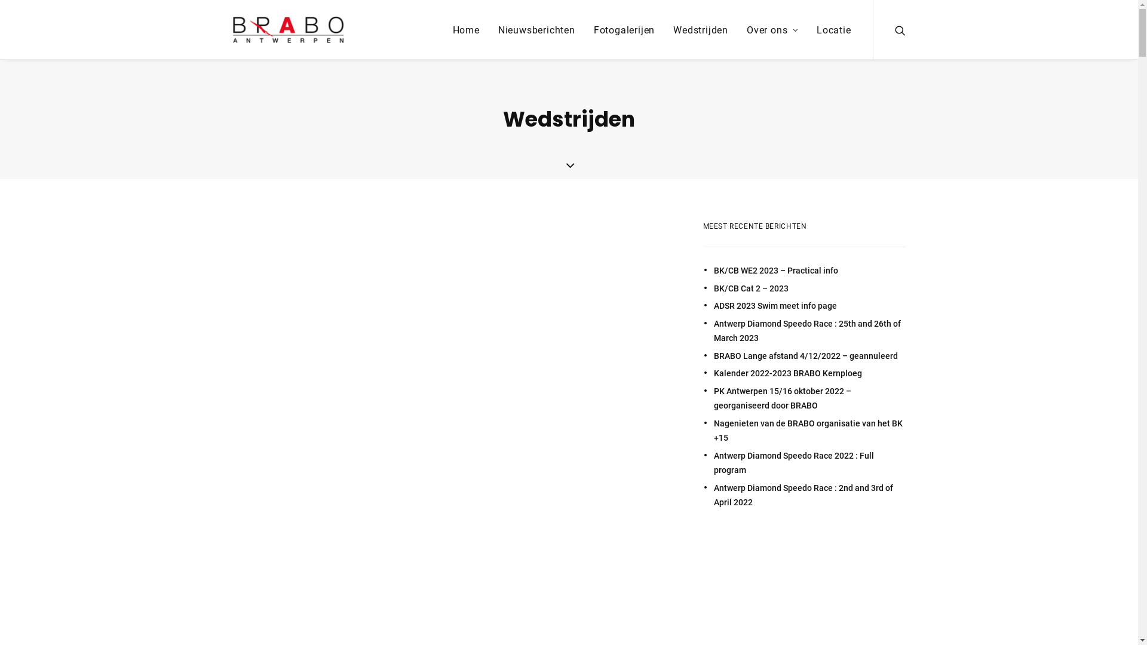  I want to click on 'Nagenieten van de BRABO organisatie van het BK +15', so click(809, 431).